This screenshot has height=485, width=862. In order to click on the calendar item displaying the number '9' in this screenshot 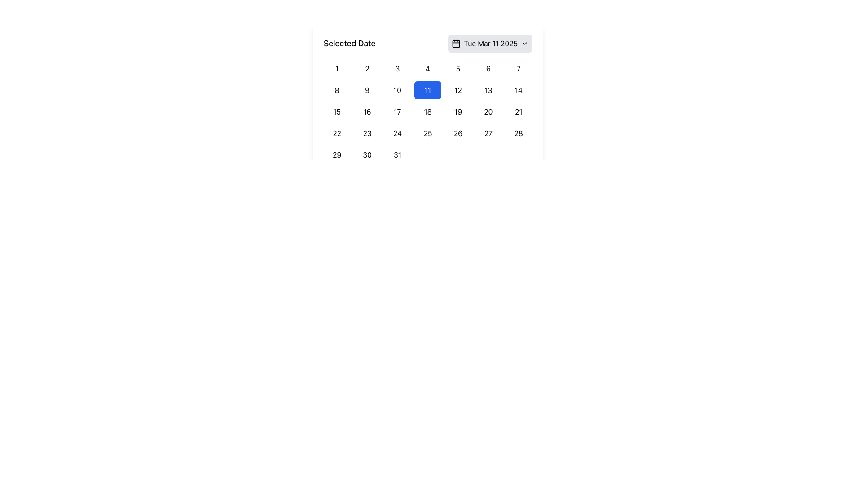, I will do `click(367, 90)`.